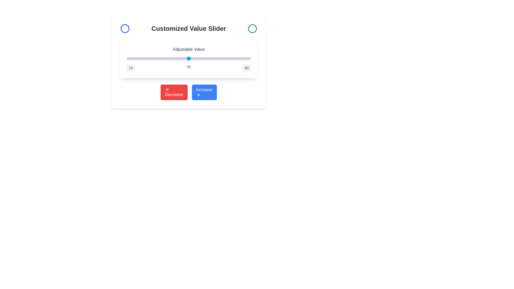  What do you see at coordinates (221, 59) in the screenshot?
I see `the slider value` at bounding box center [221, 59].